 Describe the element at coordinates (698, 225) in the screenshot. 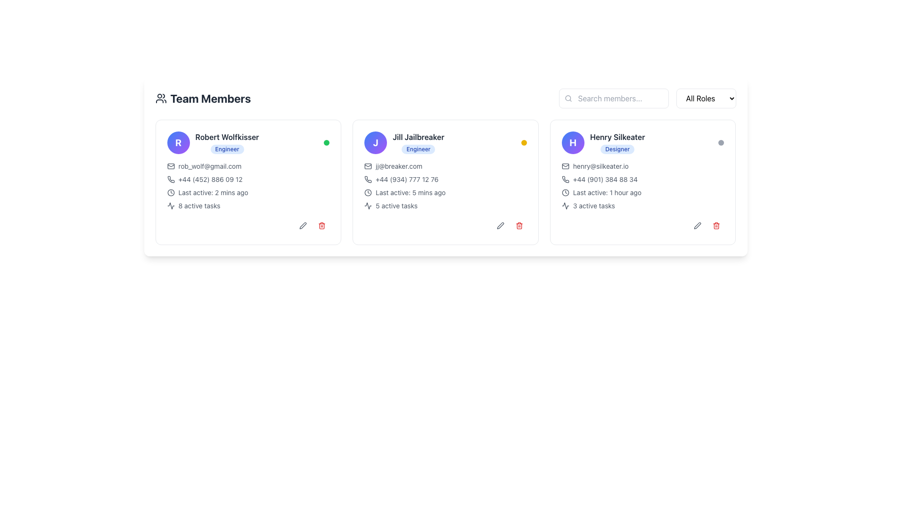

I see `the edit icon located in the bottom-right area of Henry Silkeater's user card to initiate modifications` at that location.